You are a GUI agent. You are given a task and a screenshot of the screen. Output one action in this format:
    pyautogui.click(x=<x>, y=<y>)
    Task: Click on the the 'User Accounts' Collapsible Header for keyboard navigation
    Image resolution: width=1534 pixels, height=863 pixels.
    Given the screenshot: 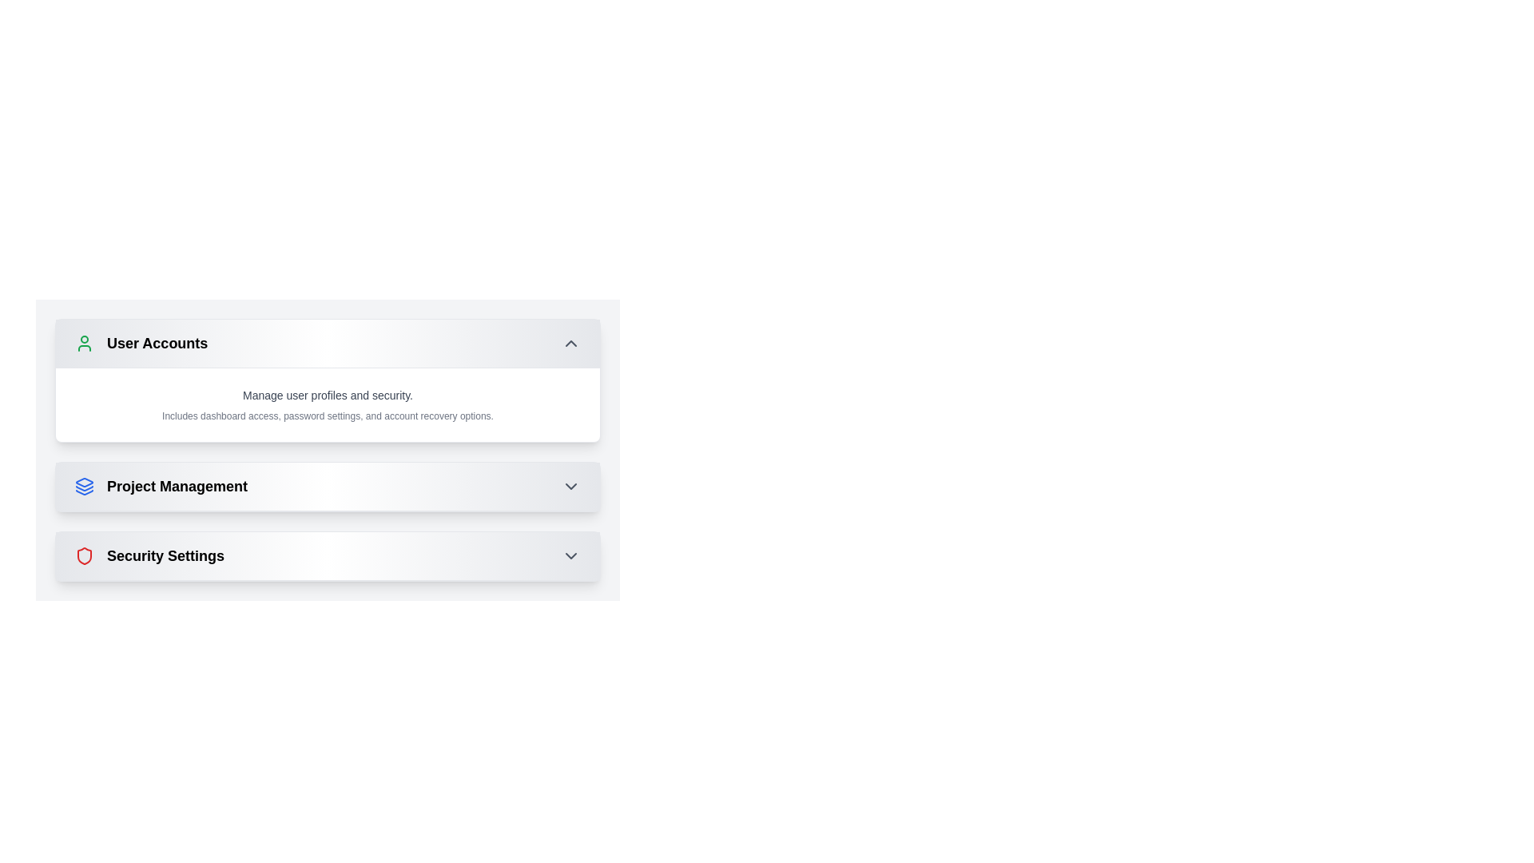 What is the action you would take?
    pyautogui.click(x=327, y=343)
    